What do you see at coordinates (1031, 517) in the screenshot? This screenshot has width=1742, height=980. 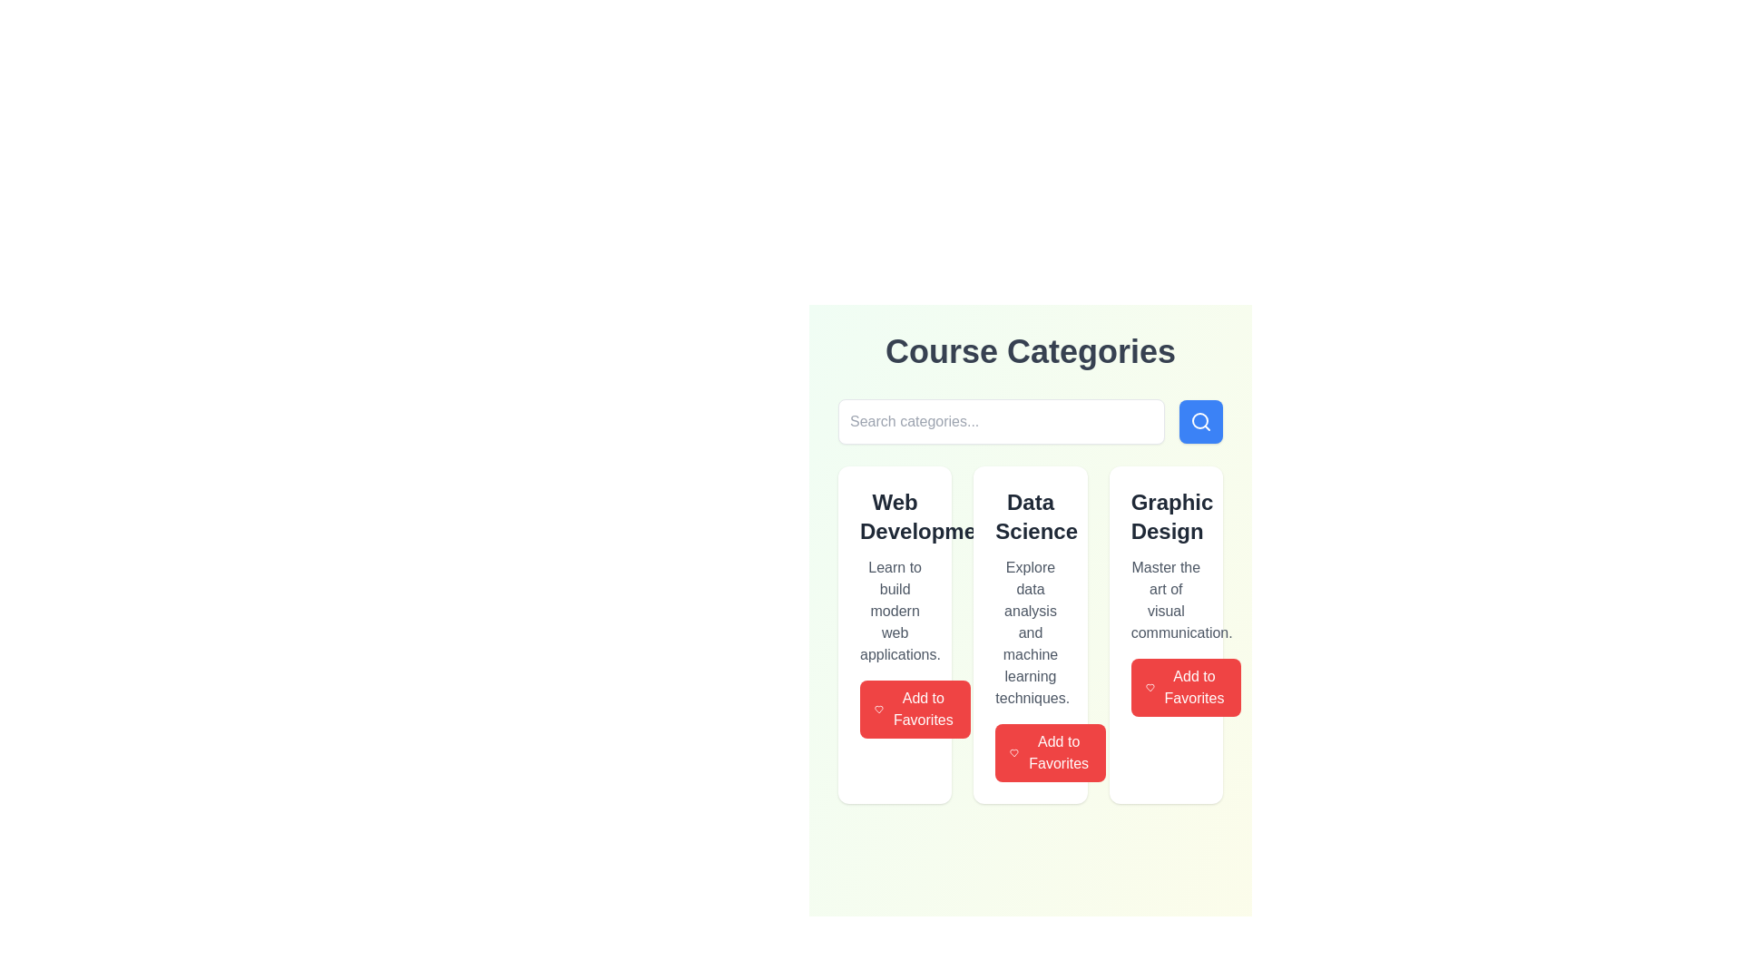 I see `text element labeled 'Data Science' which is displayed prominently at the top center of the card layout` at bounding box center [1031, 517].